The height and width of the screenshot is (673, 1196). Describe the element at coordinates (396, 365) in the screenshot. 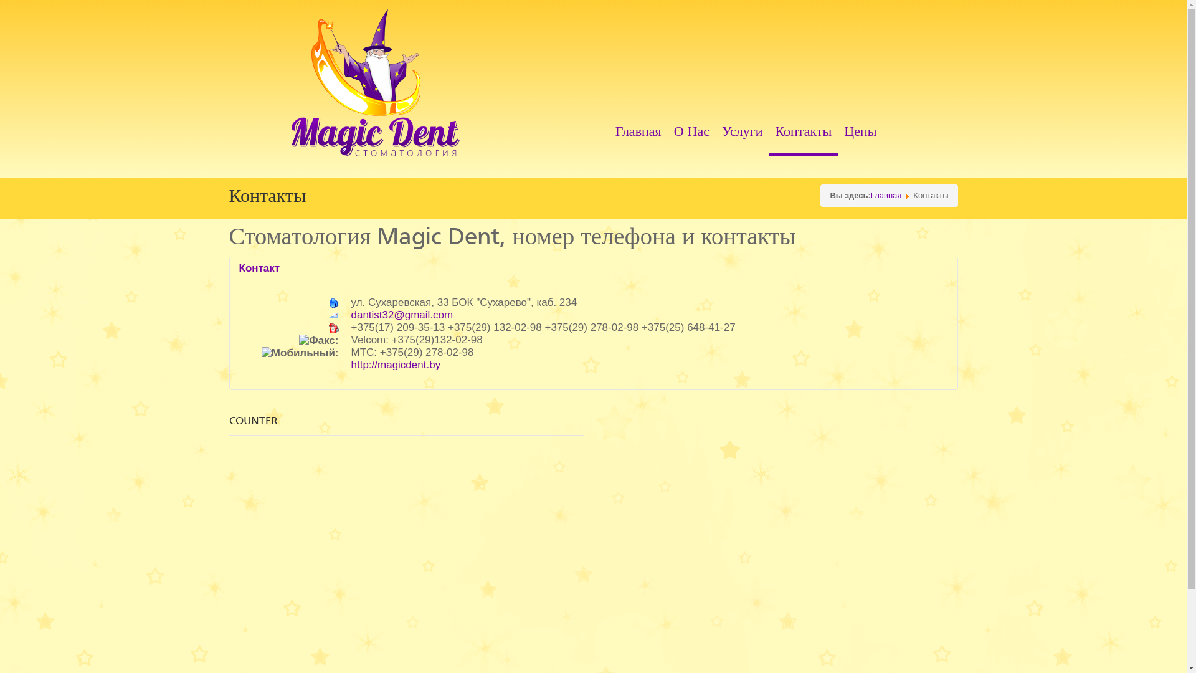

I see `'http://magicdent.by'` at that location.